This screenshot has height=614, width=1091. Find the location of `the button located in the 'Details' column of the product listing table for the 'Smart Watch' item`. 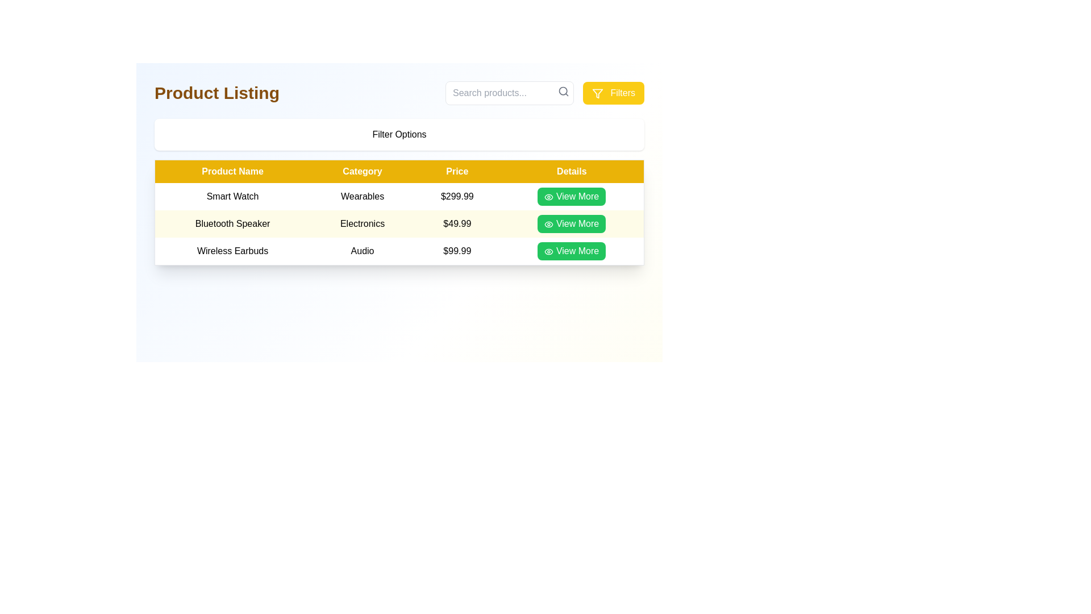

the button located in the 'Details' column of the product listing table for the 'Smart Watch' item is located at coordinates (572, 196).